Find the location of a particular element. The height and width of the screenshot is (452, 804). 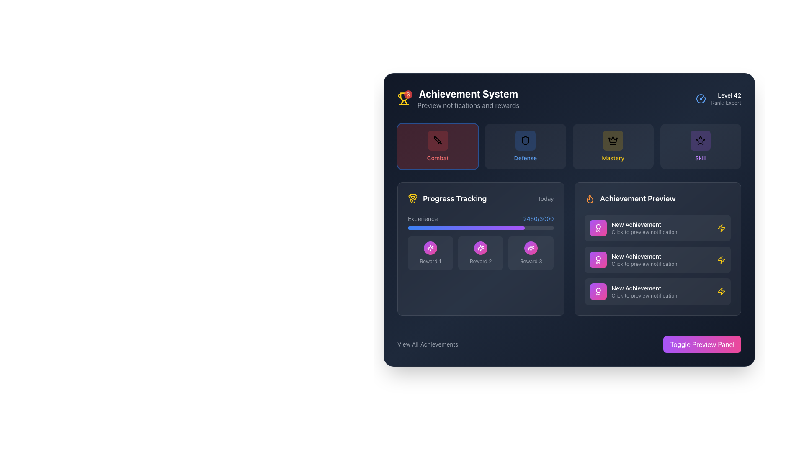

the Label with an icon in the 'Achievement System' section is located at coordinates (447, 198).